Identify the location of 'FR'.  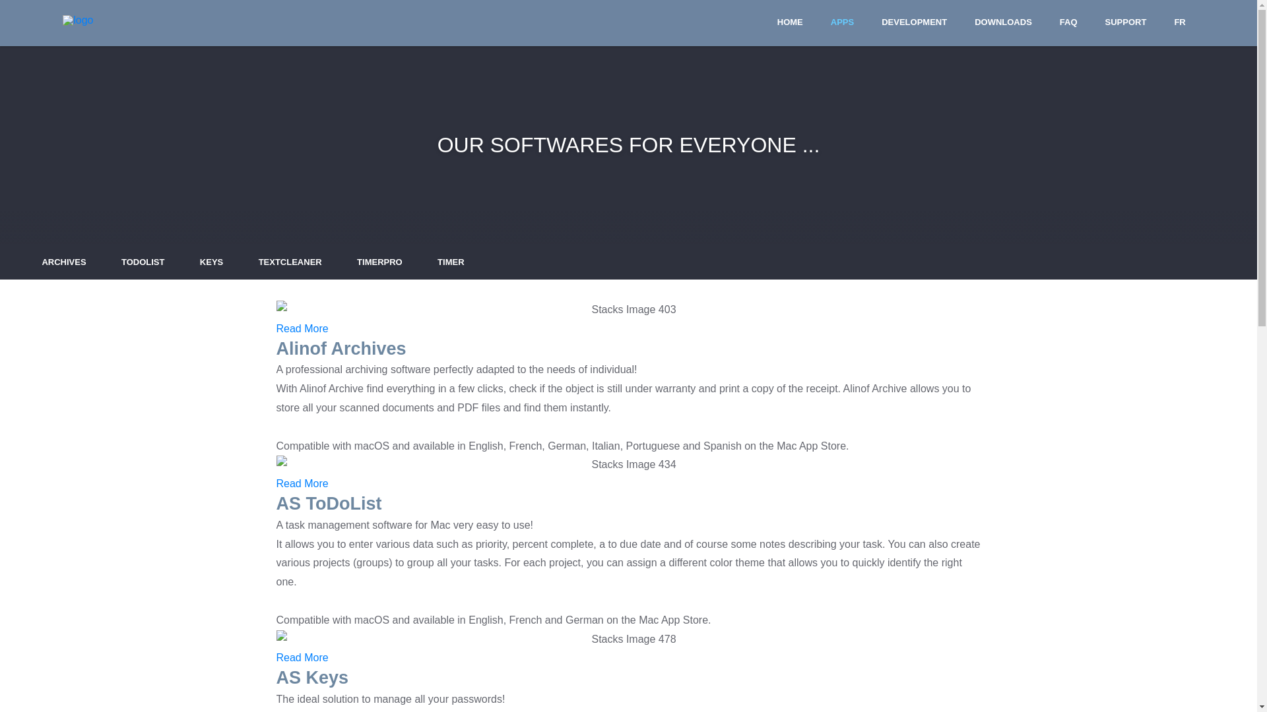
(1179, 22).